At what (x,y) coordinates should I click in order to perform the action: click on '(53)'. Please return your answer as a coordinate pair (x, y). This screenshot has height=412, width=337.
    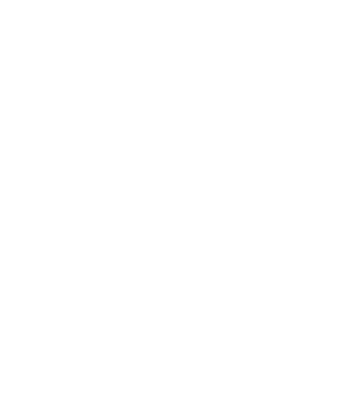
    Looking at the image, I should click on (68, 225).